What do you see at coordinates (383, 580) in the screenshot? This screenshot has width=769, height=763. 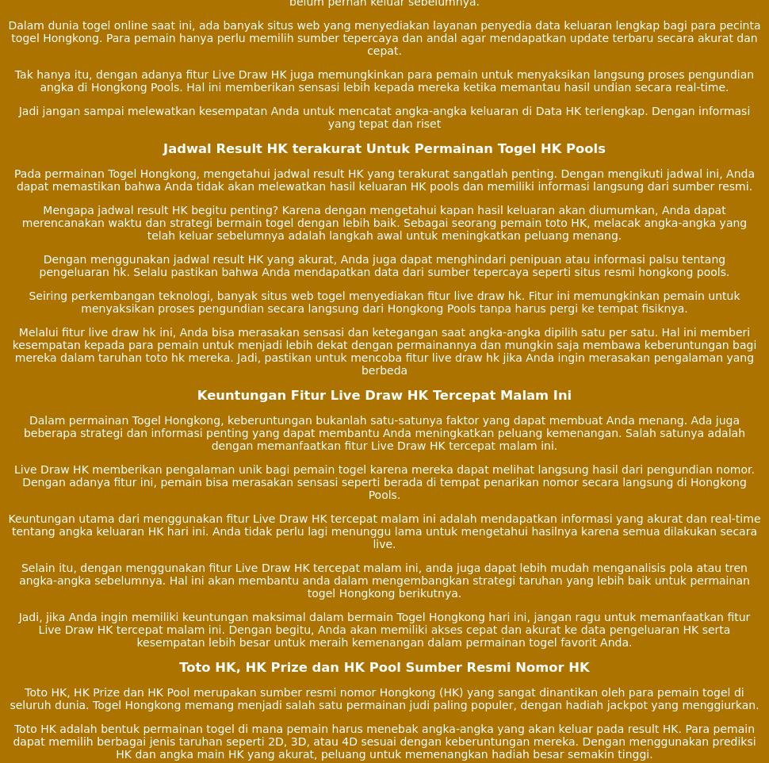 I see `'Selain itu, dengan menggunakan fitur Live Draw HK tercepat malam ini, anda juga dapat lebih mudah menganalisis pola atau tren angka-angka sebelumnya. Hal ini akan membantu anda dalam mengembangkan strategi taruhan yang lebih baik untuk permainan togel Hongkong berikutnya.'` at bounding box center [383, 580].